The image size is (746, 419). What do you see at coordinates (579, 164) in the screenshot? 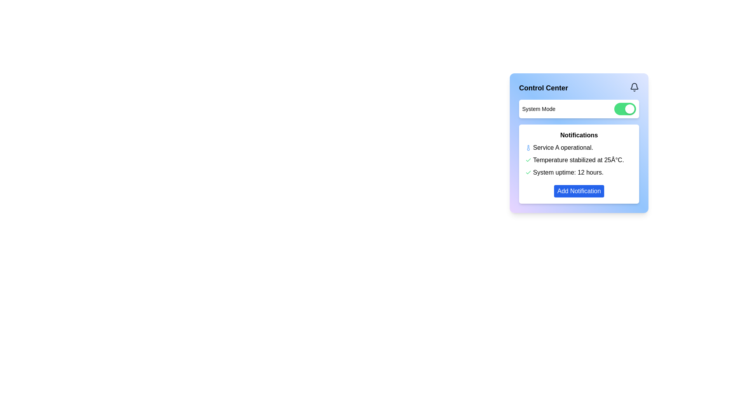
I see `the notification display panel located in the lower section of the 'Control Center', beneath the 'System Mode' section` at bounding box center [579, 164].